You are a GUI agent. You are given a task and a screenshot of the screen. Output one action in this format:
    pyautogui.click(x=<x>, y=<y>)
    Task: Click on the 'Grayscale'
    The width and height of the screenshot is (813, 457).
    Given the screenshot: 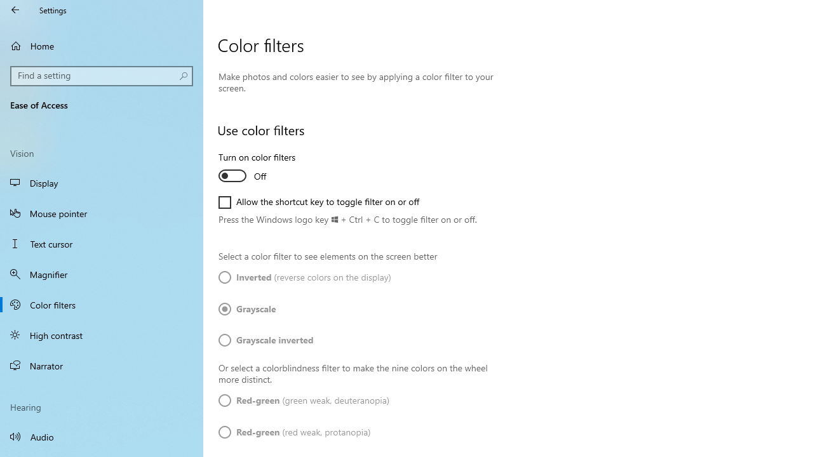 What is the action you would take?
    pyautogui.click(x=255, y=309)
    